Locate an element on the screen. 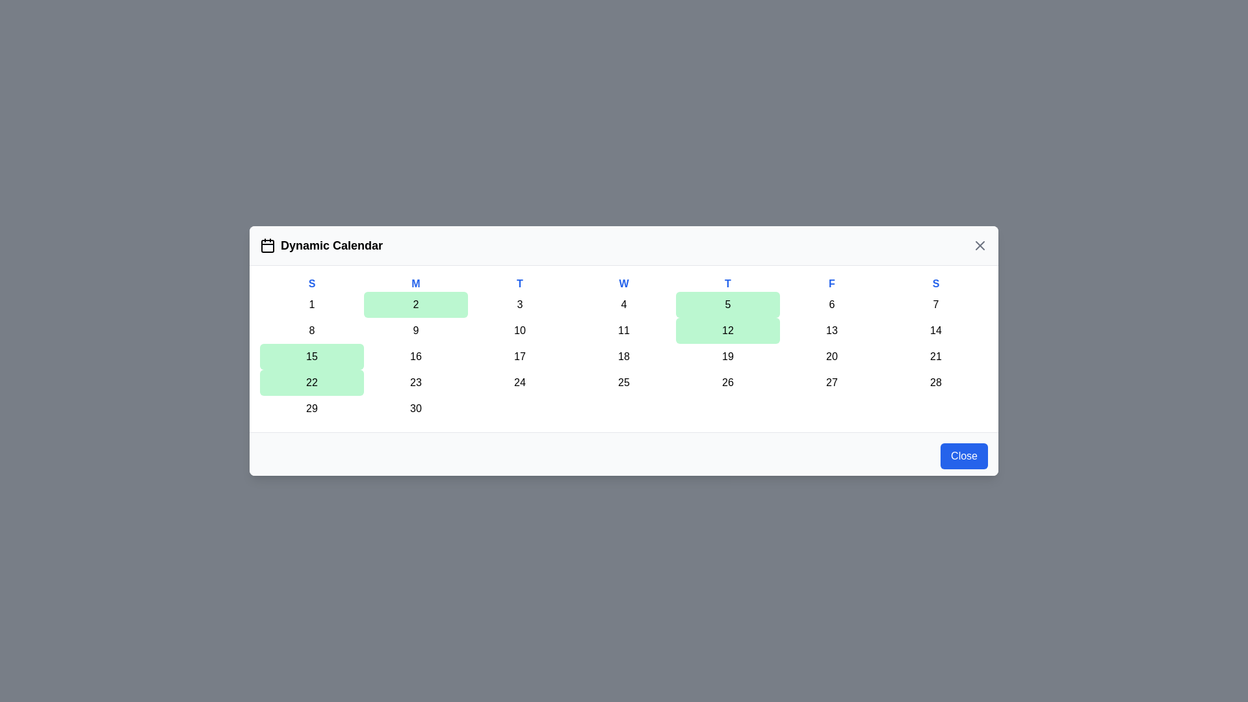  the close button to toggle the calendar's visibility is located at coordinates (964, 456).